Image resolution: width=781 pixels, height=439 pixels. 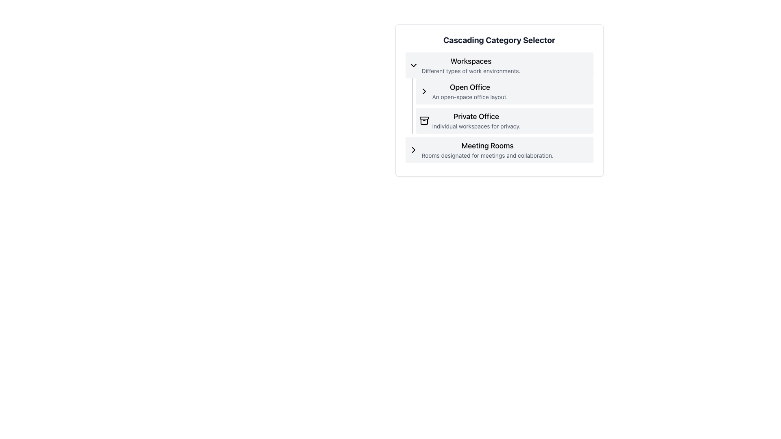 I want to click on the Text Label that provides a descriptive summary of the 'Private Office' option, which is located below the 'Private Office' text in the cascading category selector, so click(x=476, y=126).